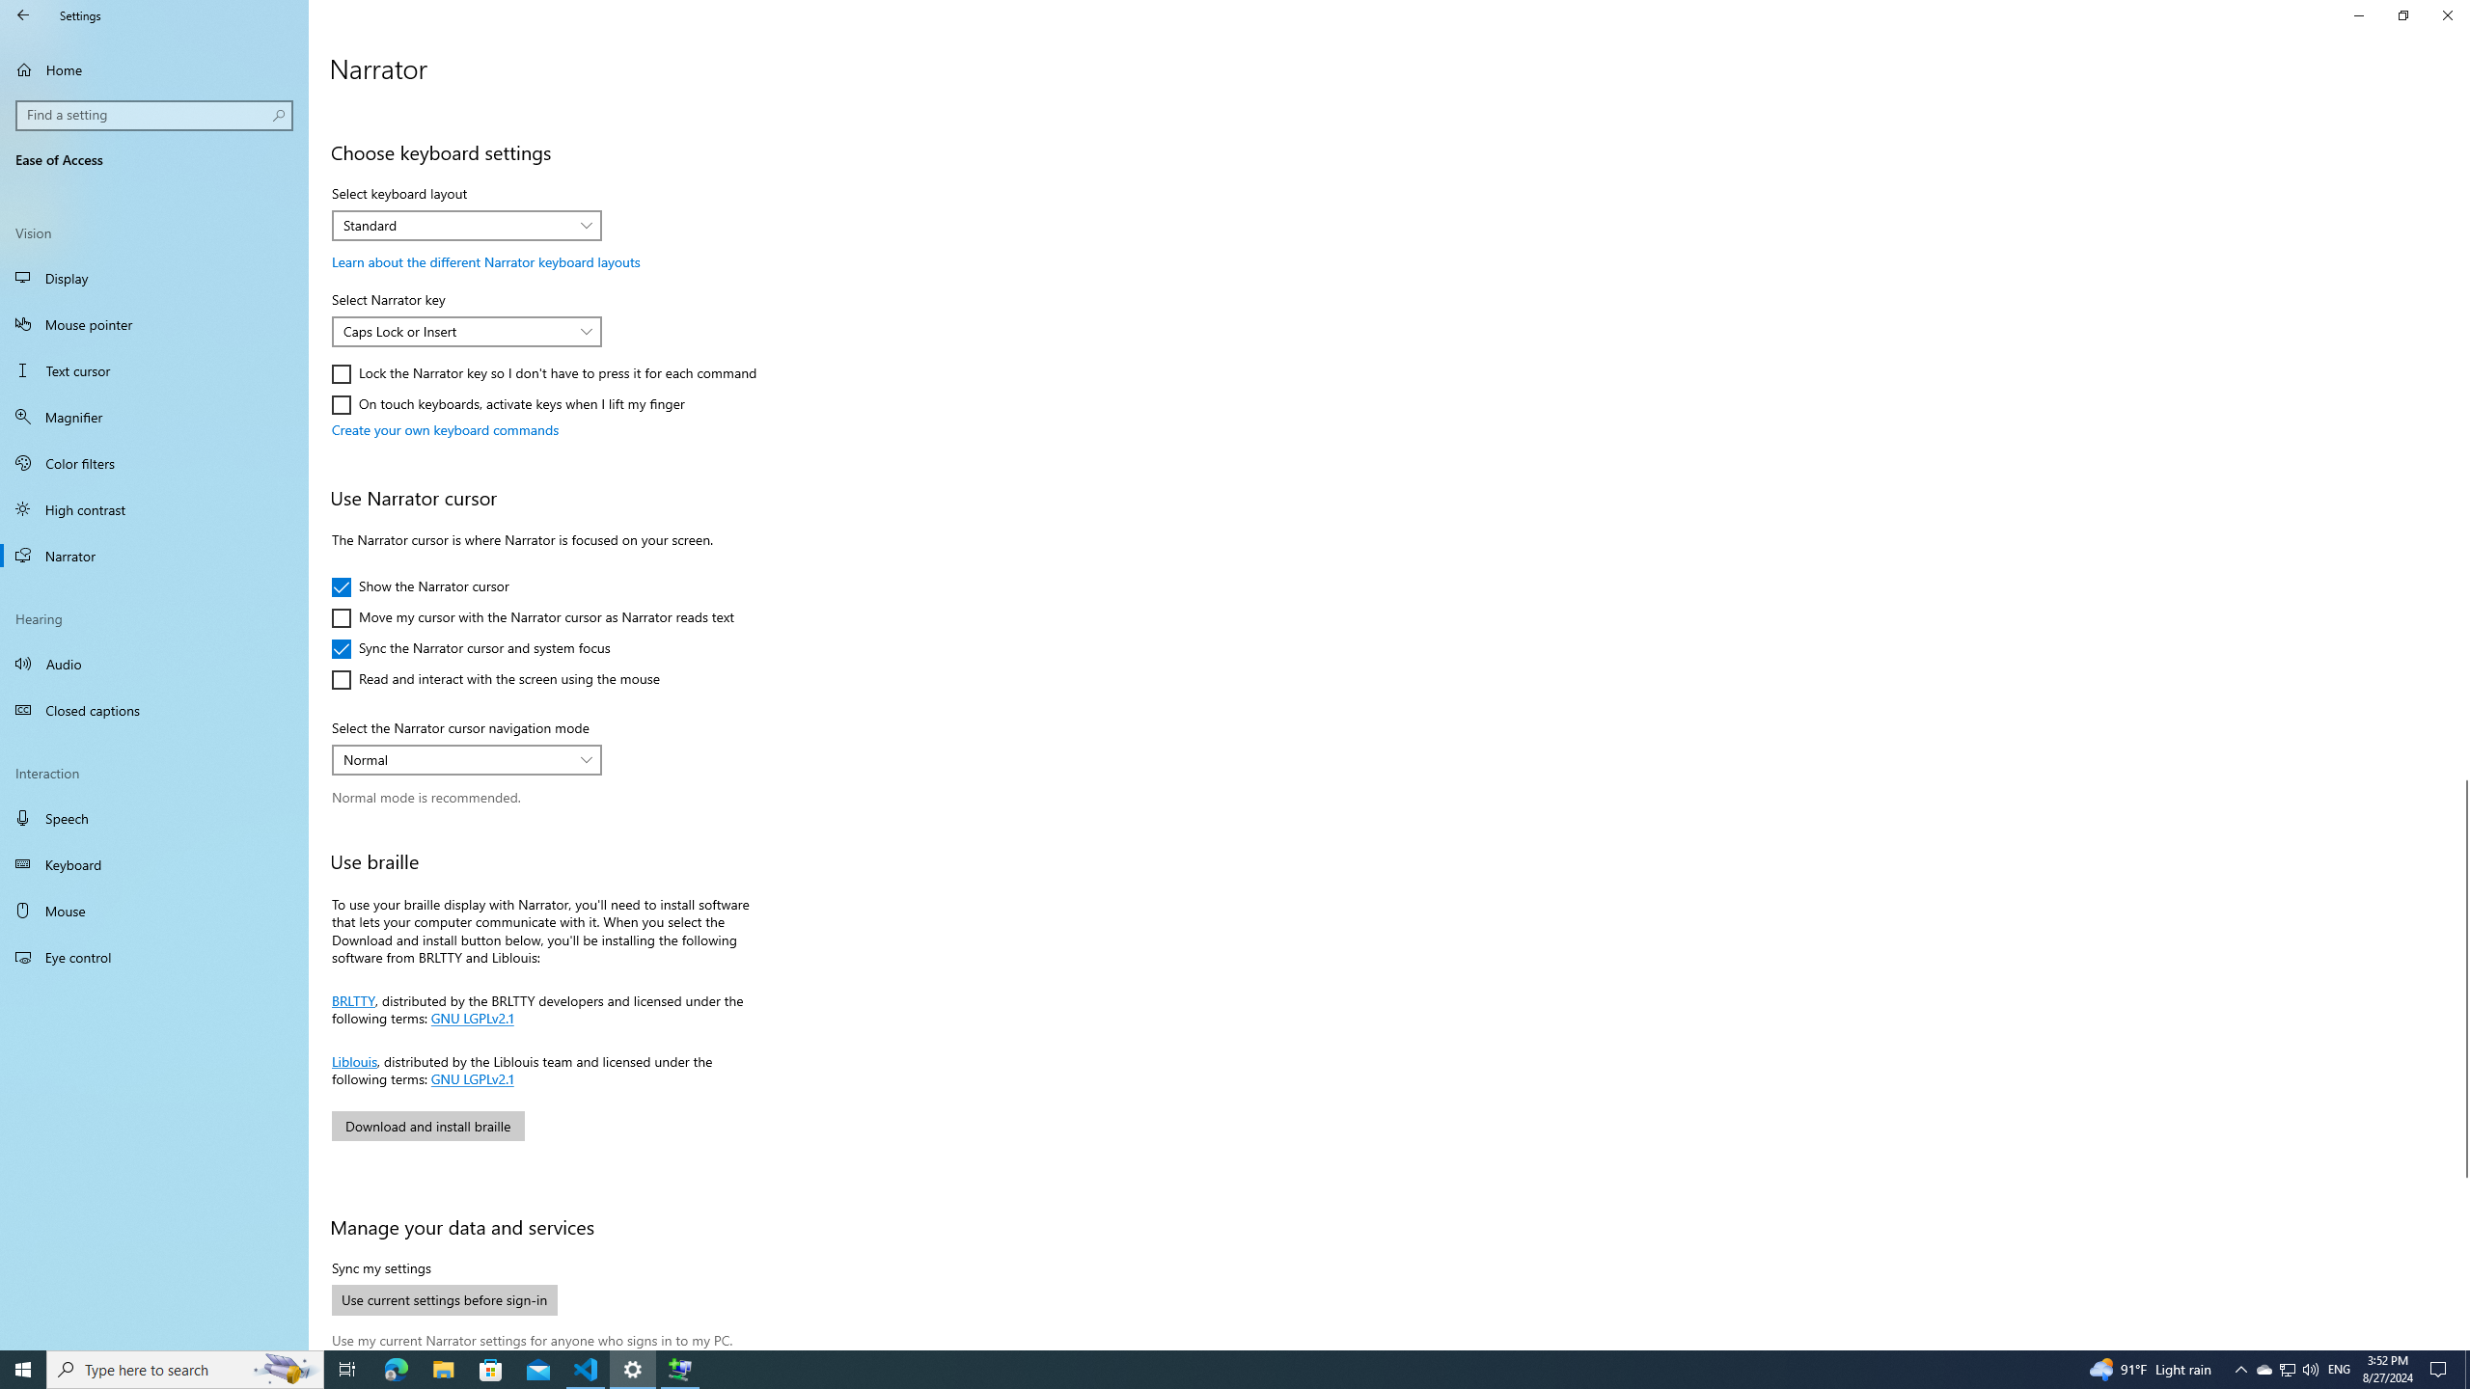  What do you see at coordinates (153, 368) in the screenshot?
I see `'Text cursor'` at bounding box center [153, 368].